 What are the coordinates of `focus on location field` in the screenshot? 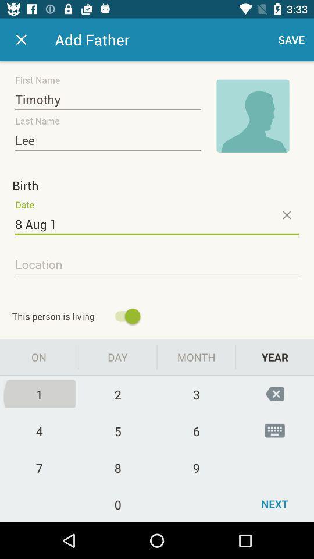 It's located at (157, 265).